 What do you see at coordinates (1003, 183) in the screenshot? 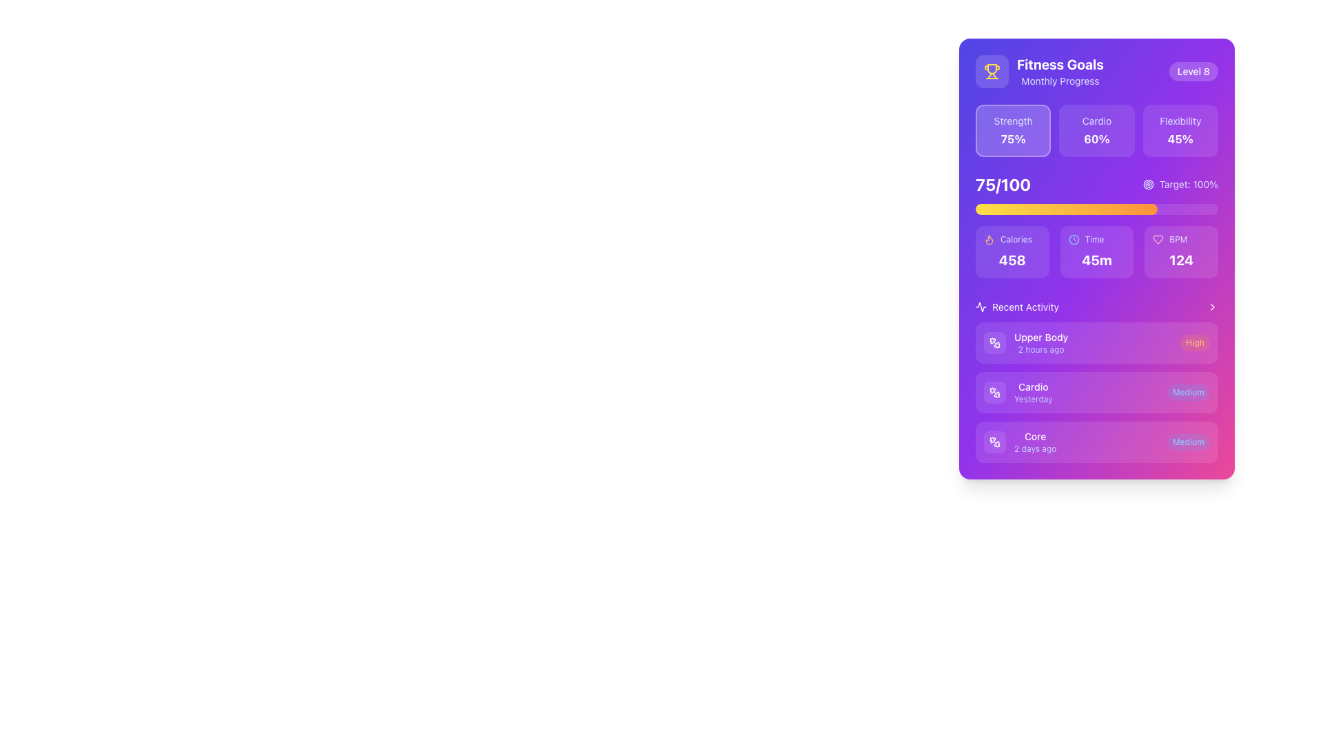
I see `the text display element that indicates progress or score, located towards the left side of the performance progress section` at bounding box center [1003, 183].